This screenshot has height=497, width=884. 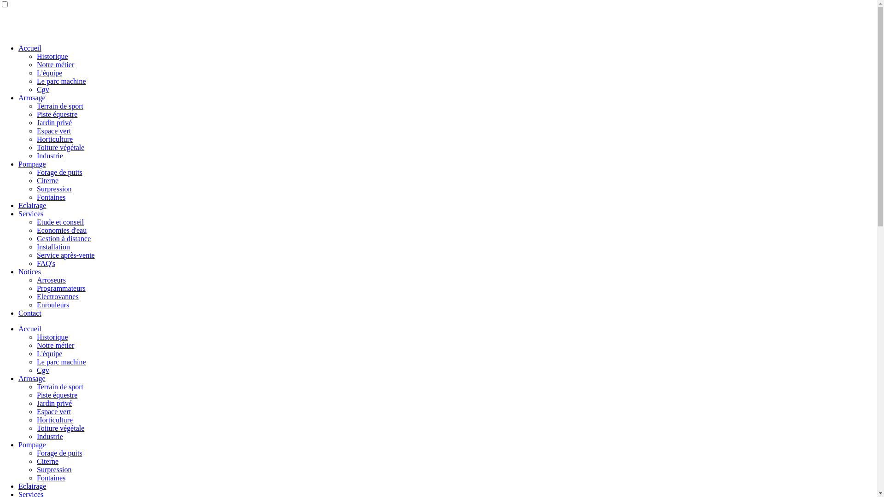 I want to click on 'Arroseurs', so click(x=51, y=279).